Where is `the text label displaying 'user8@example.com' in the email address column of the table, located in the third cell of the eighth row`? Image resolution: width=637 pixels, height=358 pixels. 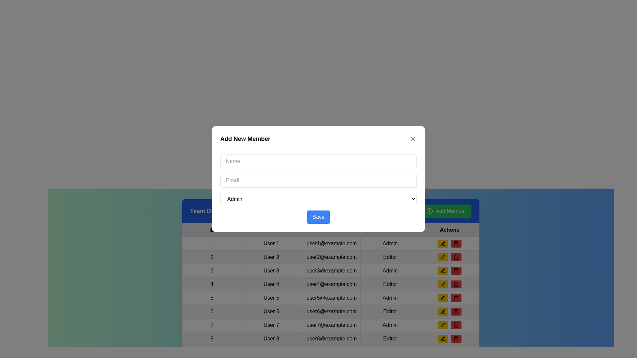
the text label displaying 'user8@example.com' in the email address column of the table, located in the third cell of the eighth row is located at coordinates (331, 339).